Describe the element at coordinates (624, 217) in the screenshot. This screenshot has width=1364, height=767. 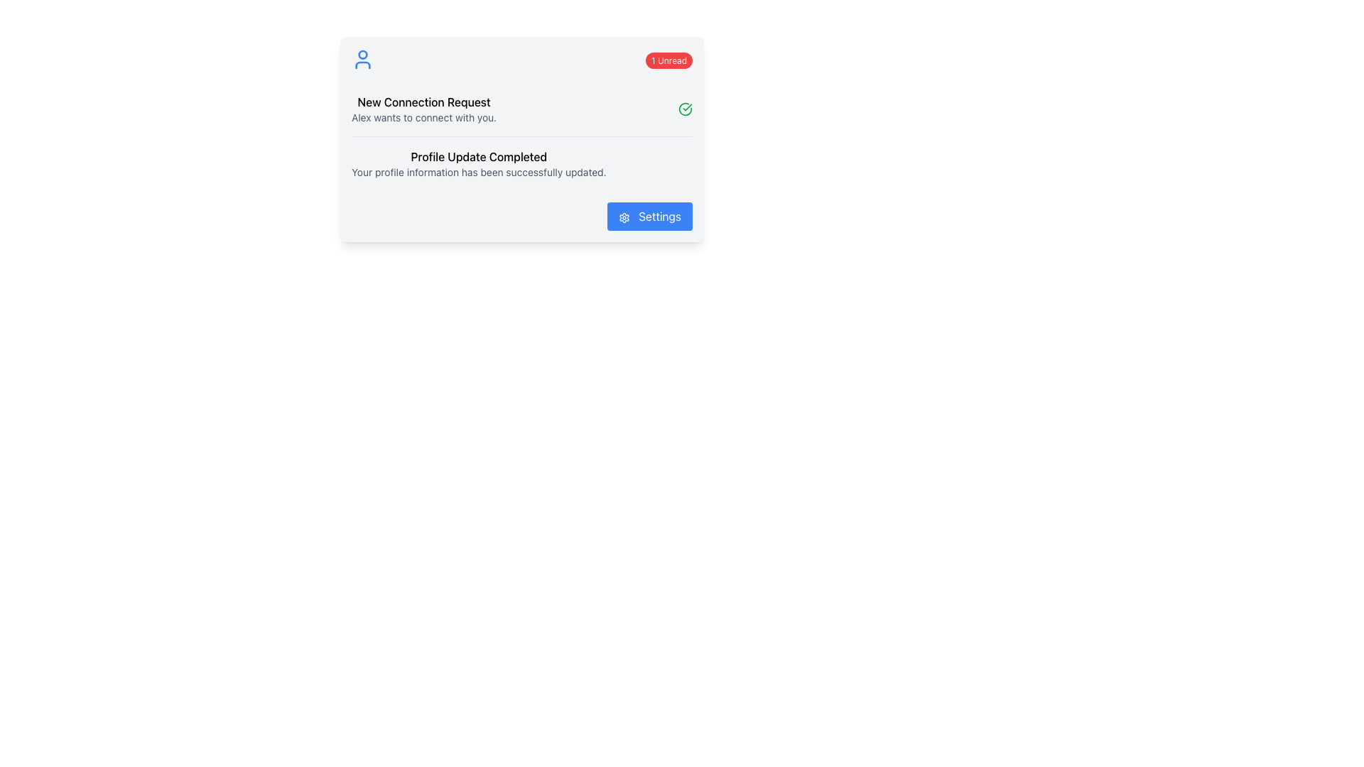
I see `the SVG Icon that visually represents settings, located to the left of the 'Settings' label on the blue button in the bottom-right part of the notification card` at that location.